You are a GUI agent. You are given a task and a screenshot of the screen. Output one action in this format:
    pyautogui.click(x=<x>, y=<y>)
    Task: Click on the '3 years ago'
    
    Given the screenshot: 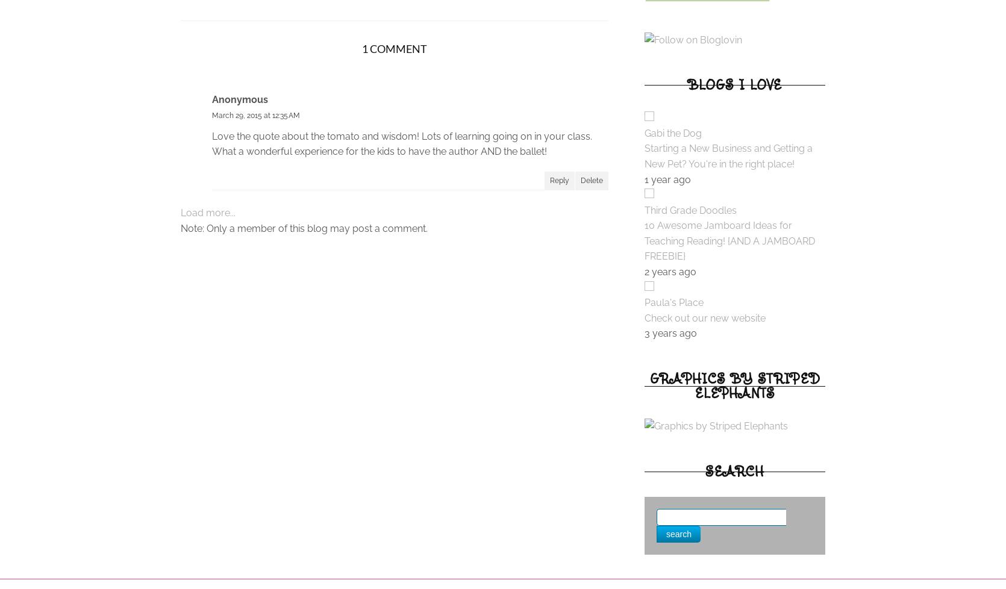 What is the action you would take?
    pyautogui.click(x=644, y=333)
    